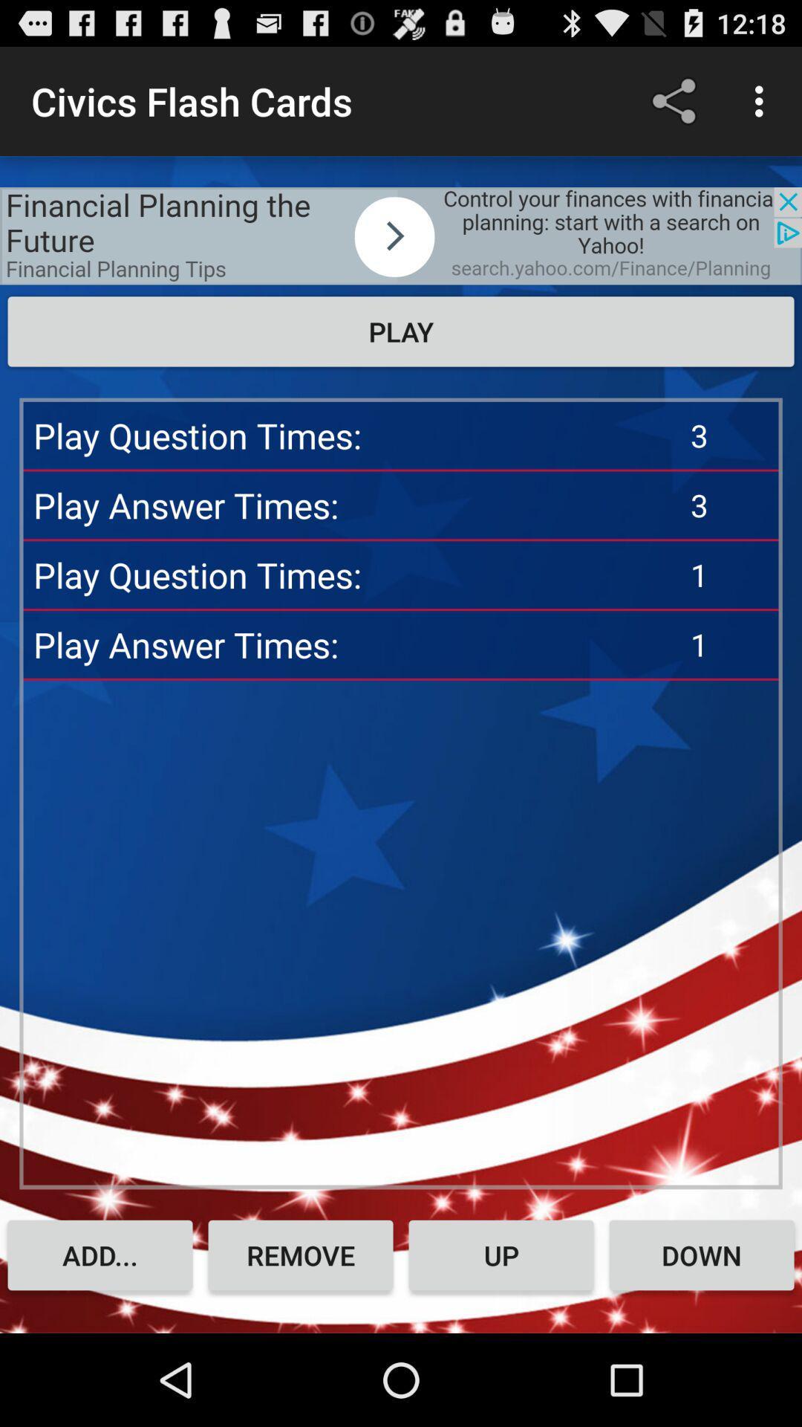 This screenshot has width=802, height=1427. Describe the element at coordinates (401, 235) in the screenshot. I see `advertisement` at that location.